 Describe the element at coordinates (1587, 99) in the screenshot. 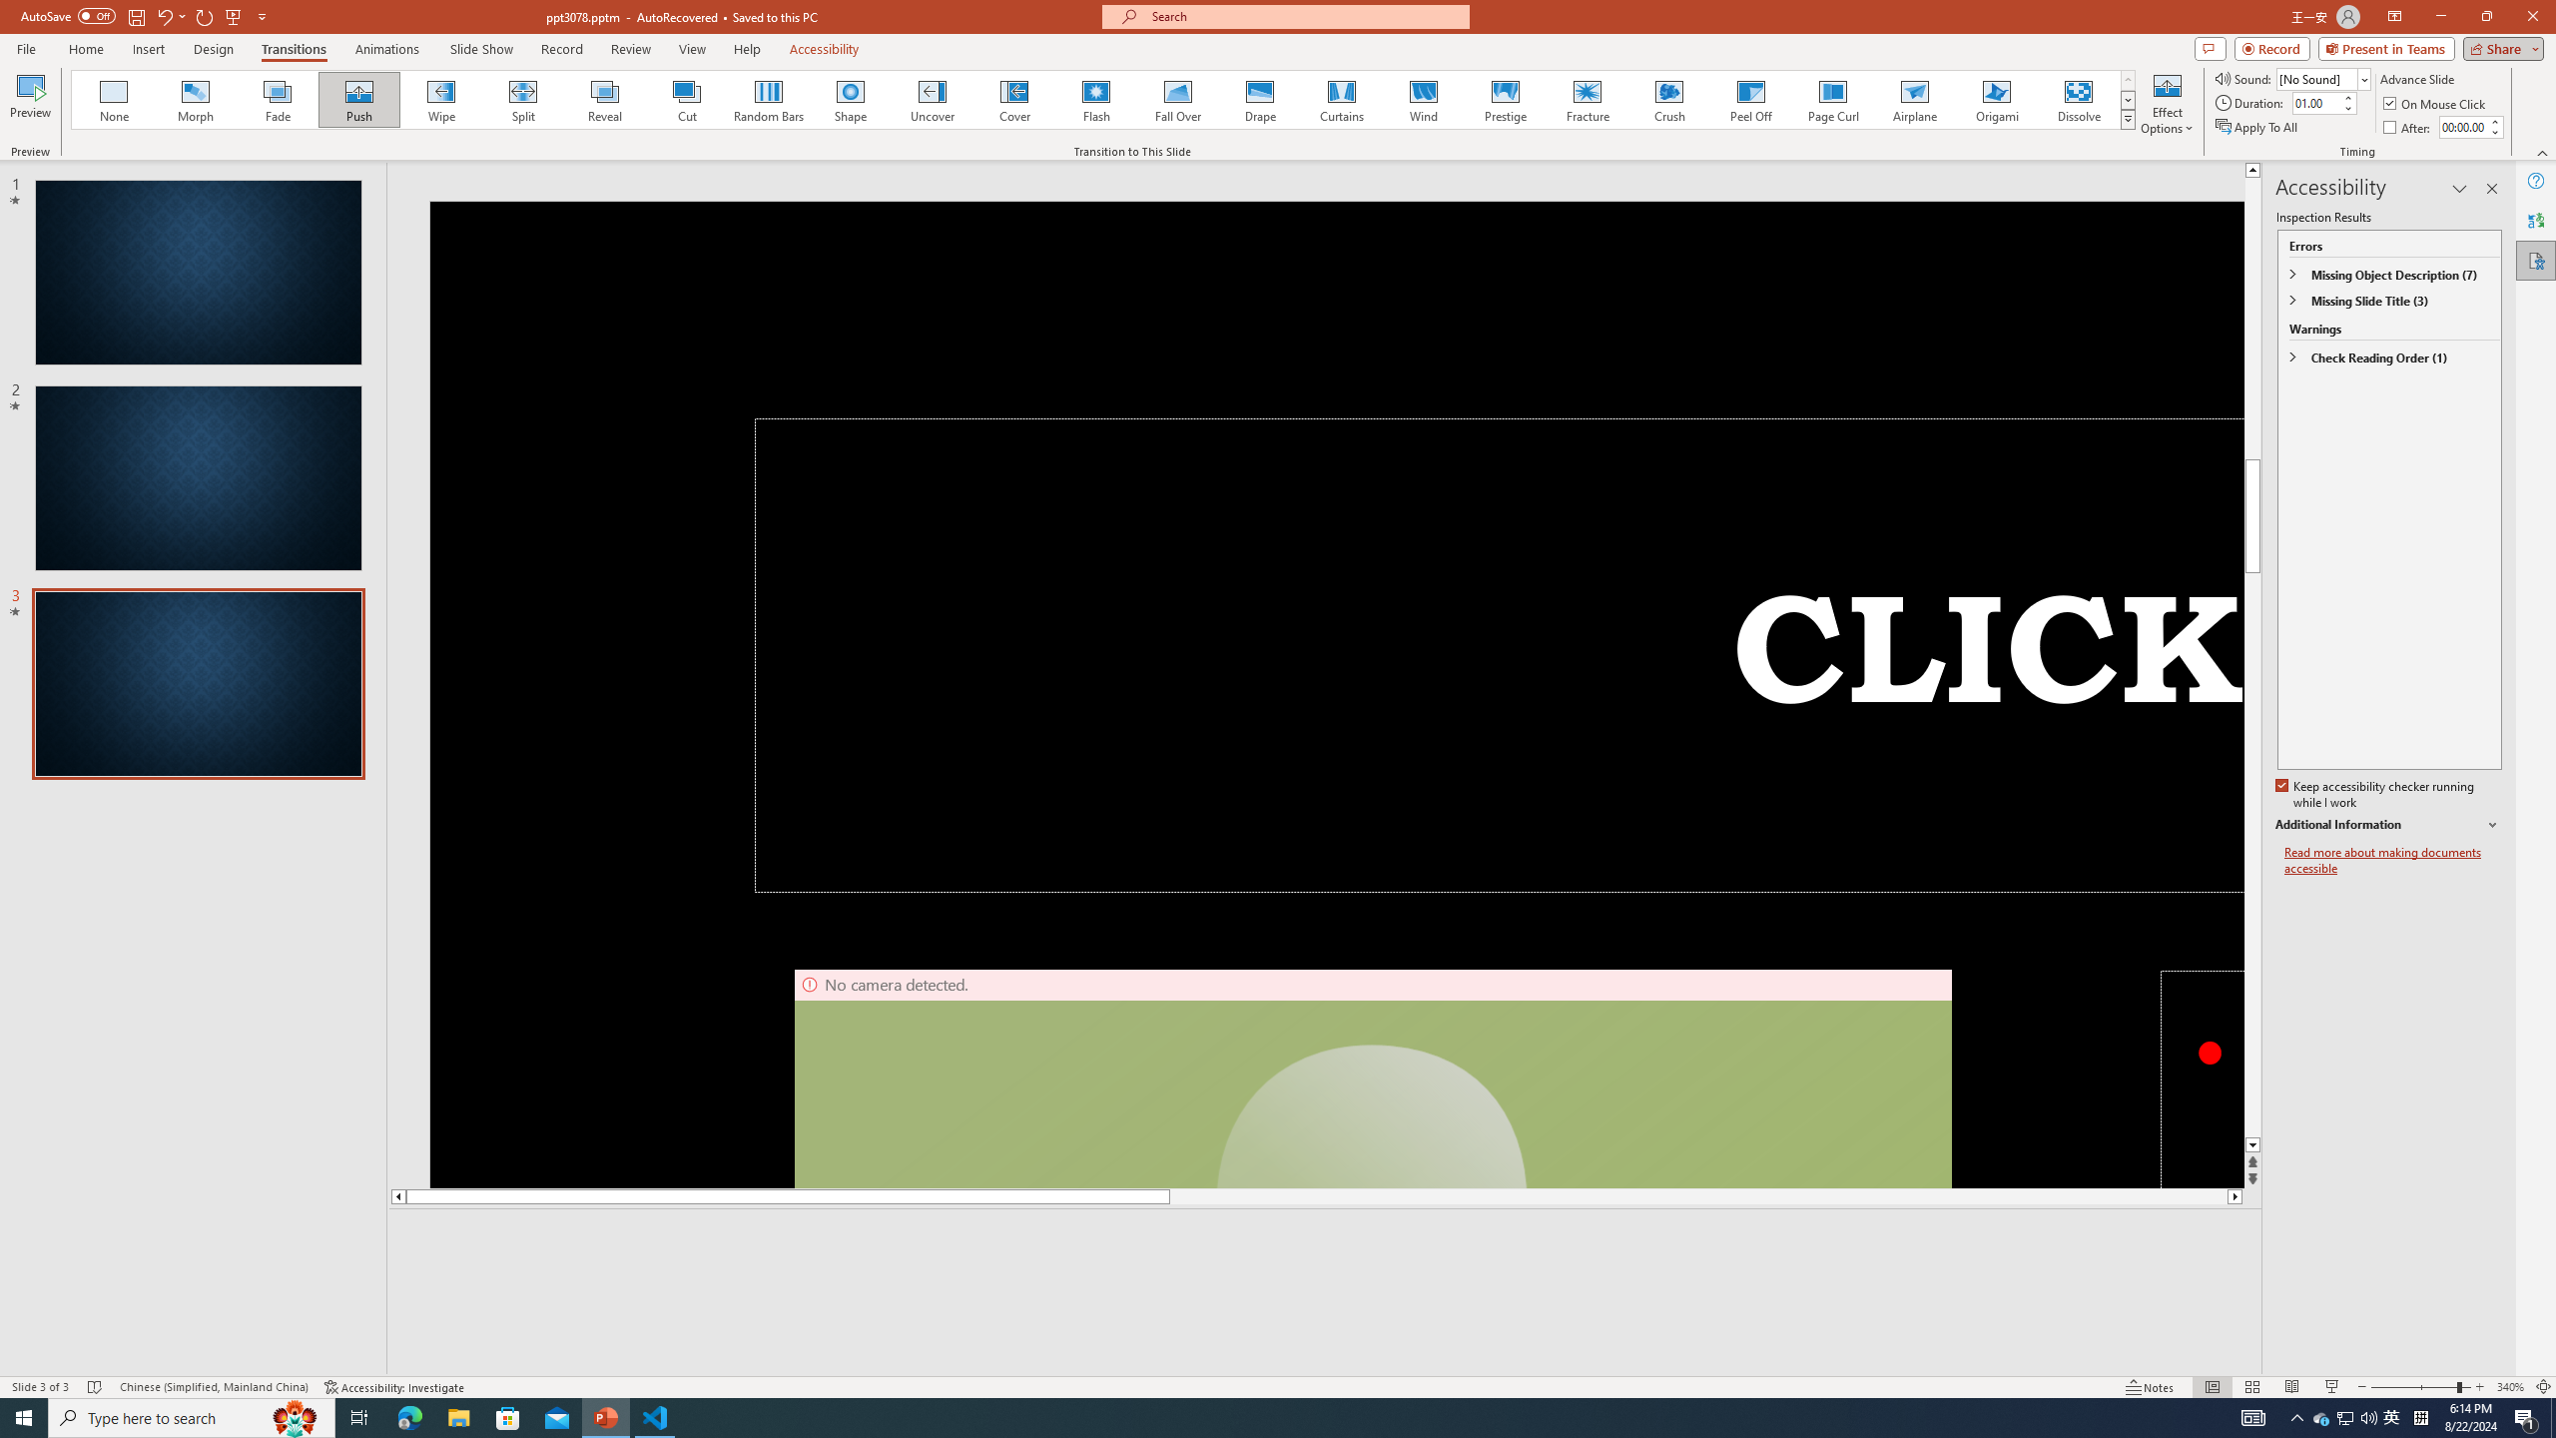

I see `'Fracture'` at that location.